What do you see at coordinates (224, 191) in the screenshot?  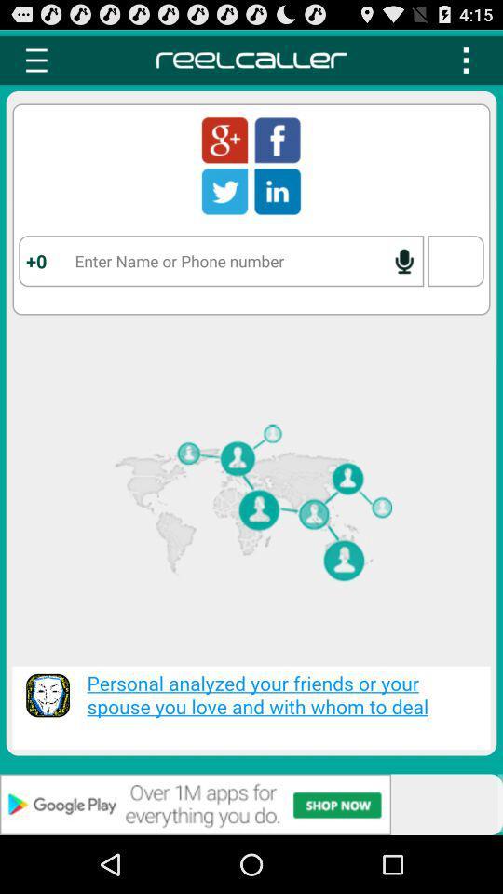 I see `twitter` at bounding box center [224, 191].